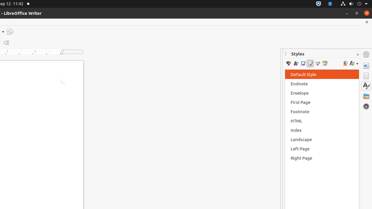 The width and height of the screenshot is (372, 209). Describe the element at coordinates (310, 63) in the screenshot. I see `'Page Styles'` at that location.